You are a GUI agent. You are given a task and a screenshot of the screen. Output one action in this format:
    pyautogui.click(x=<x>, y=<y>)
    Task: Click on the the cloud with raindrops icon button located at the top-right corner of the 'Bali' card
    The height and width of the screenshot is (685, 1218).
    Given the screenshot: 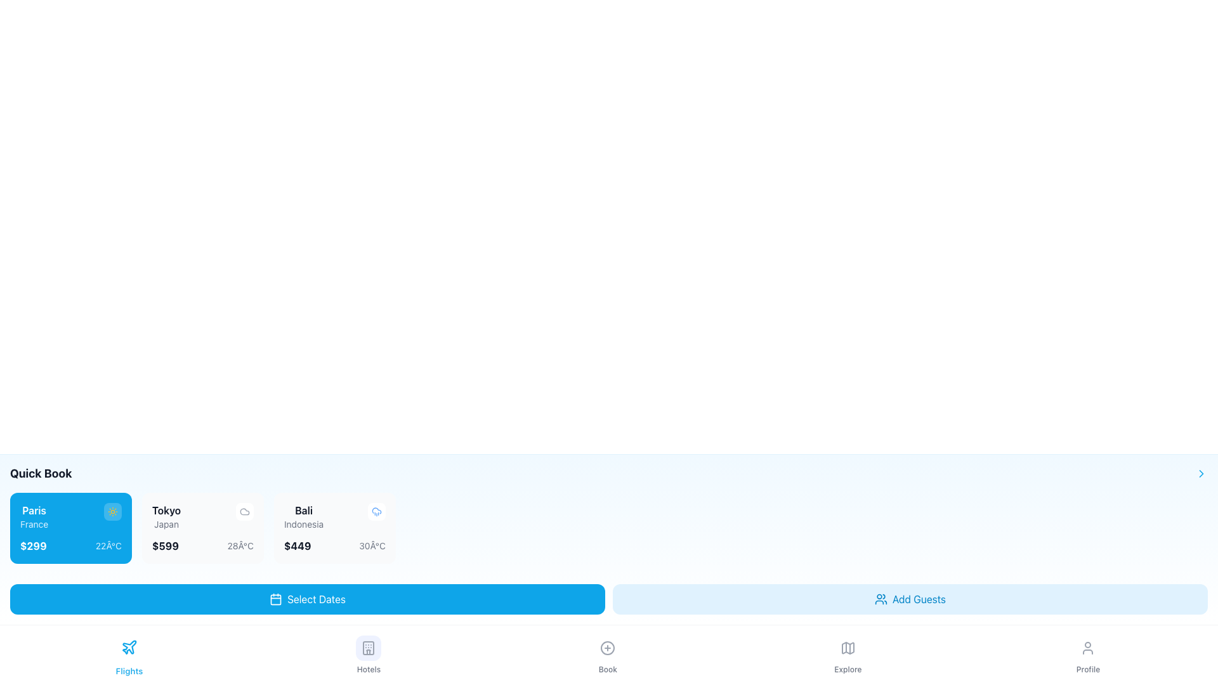 What is the action you would take?
    pyautogui.click(x=376, y=511)
    